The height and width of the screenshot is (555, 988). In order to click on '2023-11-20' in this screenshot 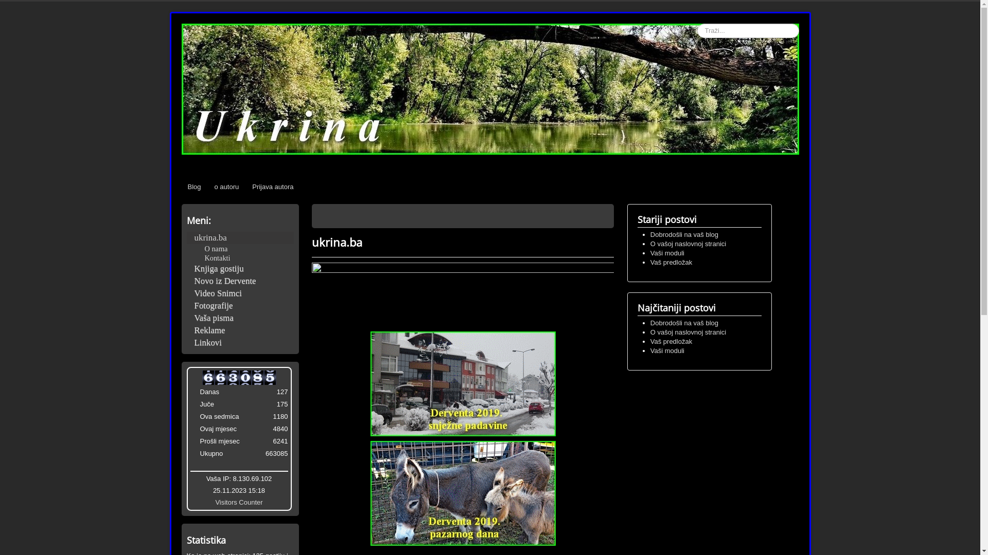, I will do `click(194, 418)`.